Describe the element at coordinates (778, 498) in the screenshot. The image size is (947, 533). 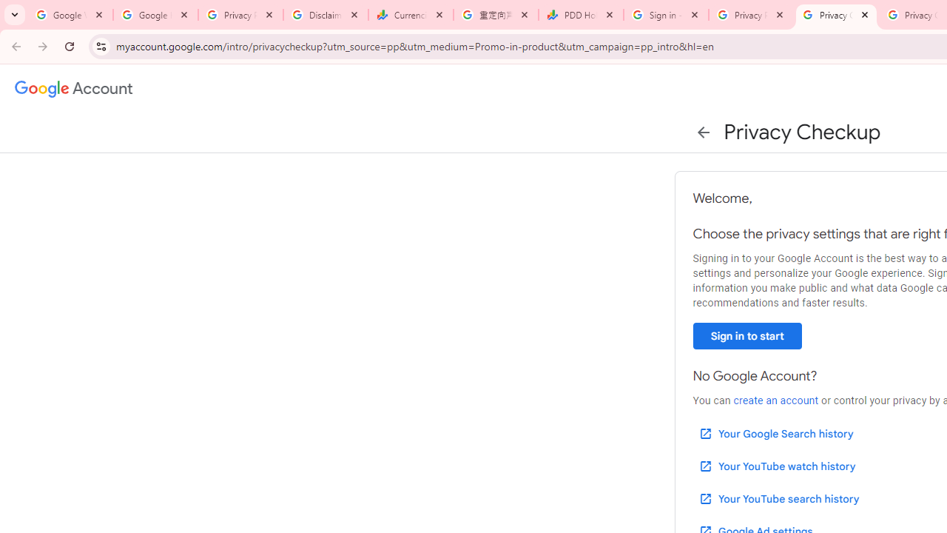
I see `'Your YouTube search history'` at that location.